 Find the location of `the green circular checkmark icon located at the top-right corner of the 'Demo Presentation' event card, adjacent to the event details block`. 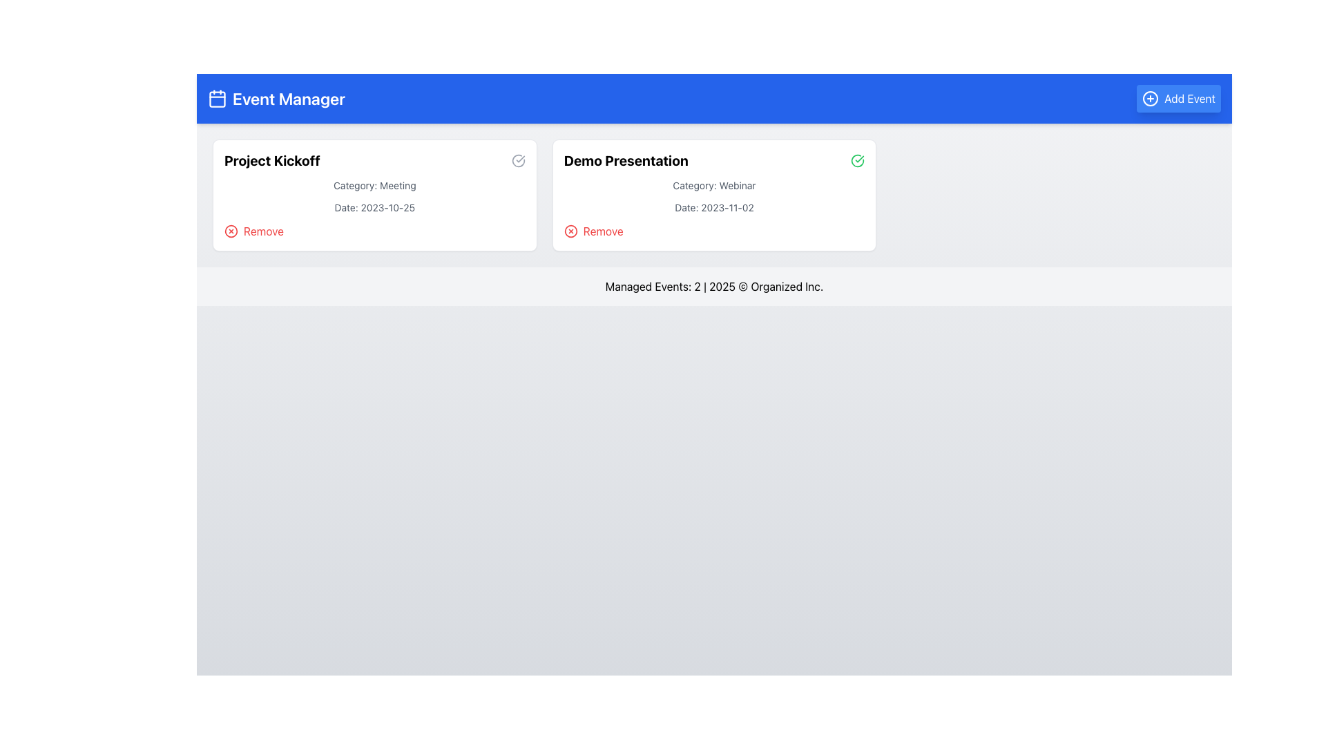

the green circular checkmark icon located at the top-right corner of the 'Demo Presentation' event card, adjacent to the event details block is located at coordinates (857, 160).